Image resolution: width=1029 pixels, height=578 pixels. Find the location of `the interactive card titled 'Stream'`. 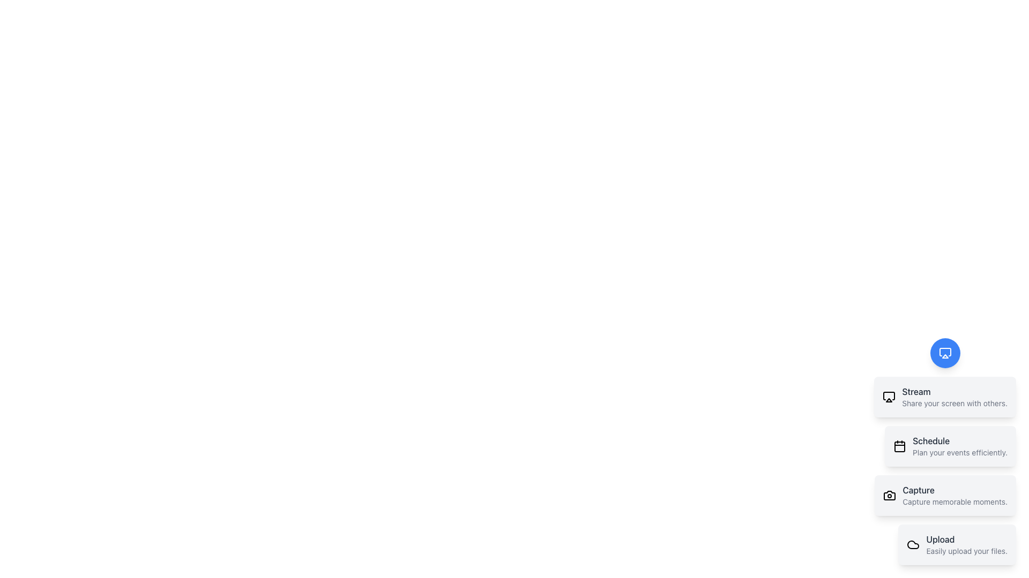

the interactive card titled 'Stream' is located at coordinates (945, 397).